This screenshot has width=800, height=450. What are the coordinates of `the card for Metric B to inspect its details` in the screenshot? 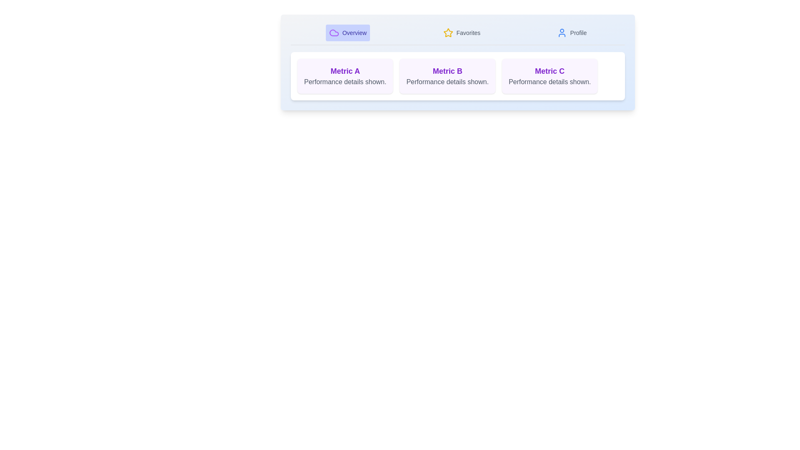 It's located at (447, 76).